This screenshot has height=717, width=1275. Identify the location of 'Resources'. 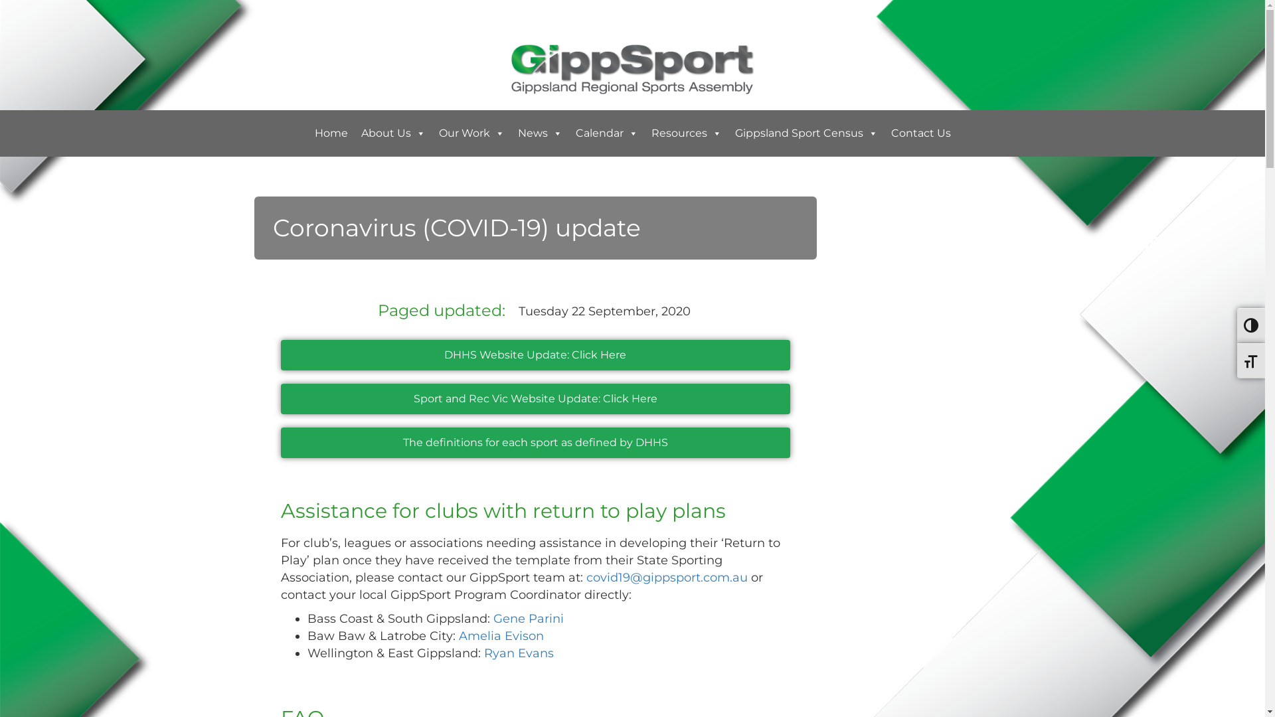
(685, 133).